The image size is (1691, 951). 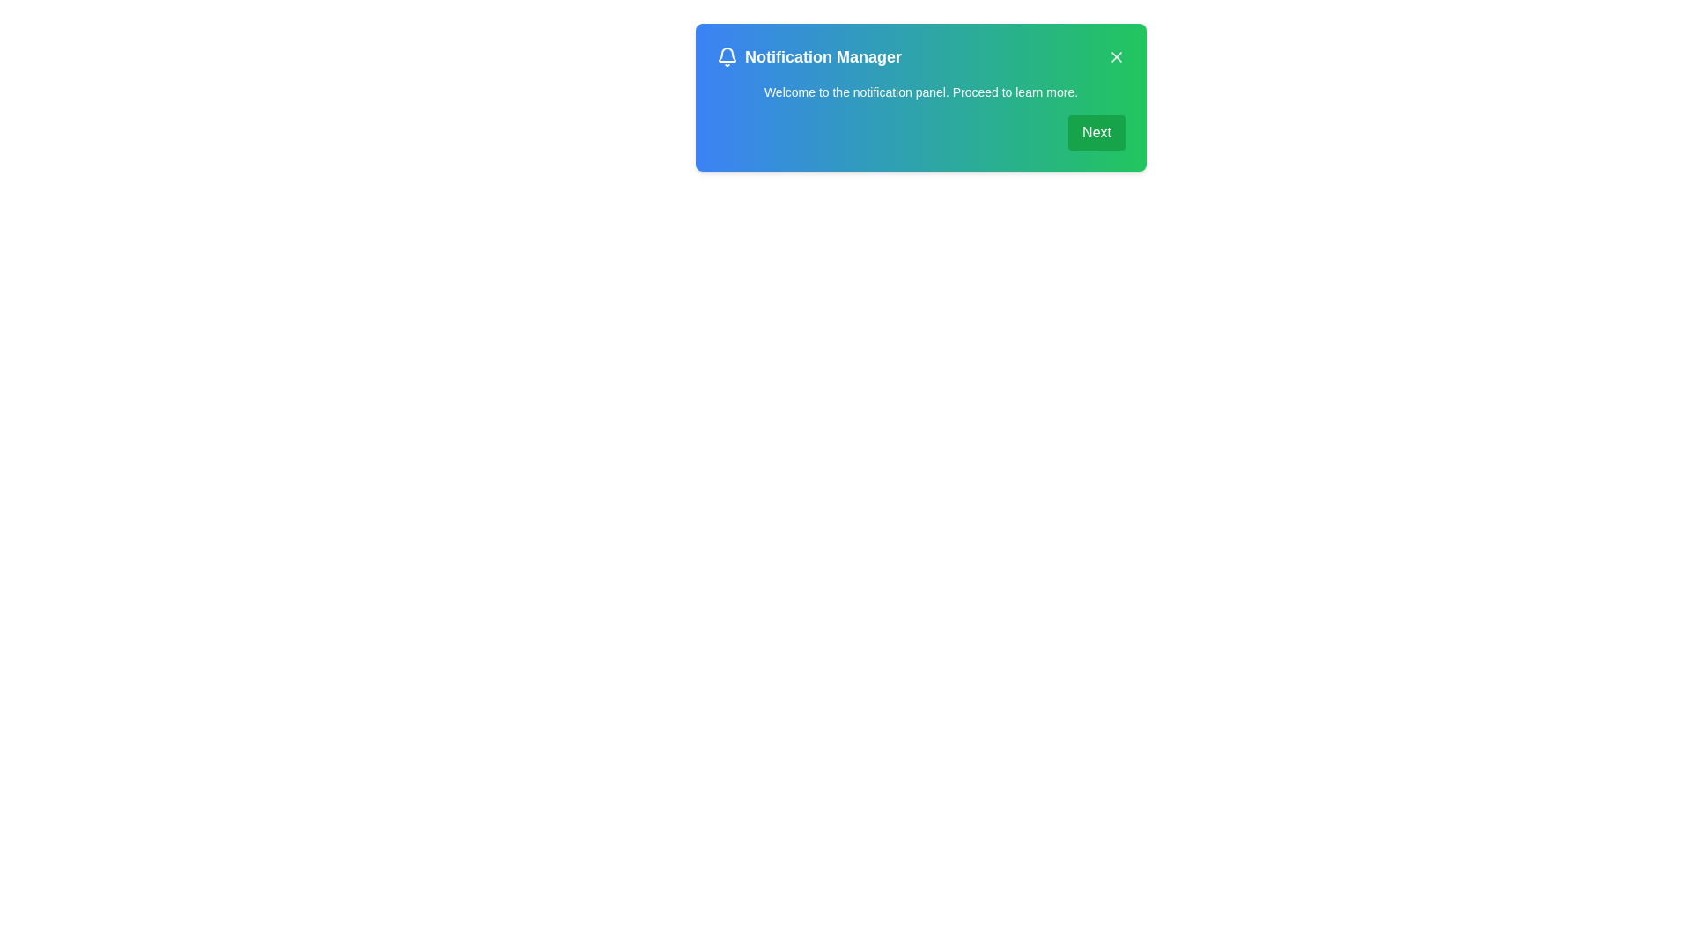 I want to click on close button to dismiss the alert, so click(x=1115, y=56).